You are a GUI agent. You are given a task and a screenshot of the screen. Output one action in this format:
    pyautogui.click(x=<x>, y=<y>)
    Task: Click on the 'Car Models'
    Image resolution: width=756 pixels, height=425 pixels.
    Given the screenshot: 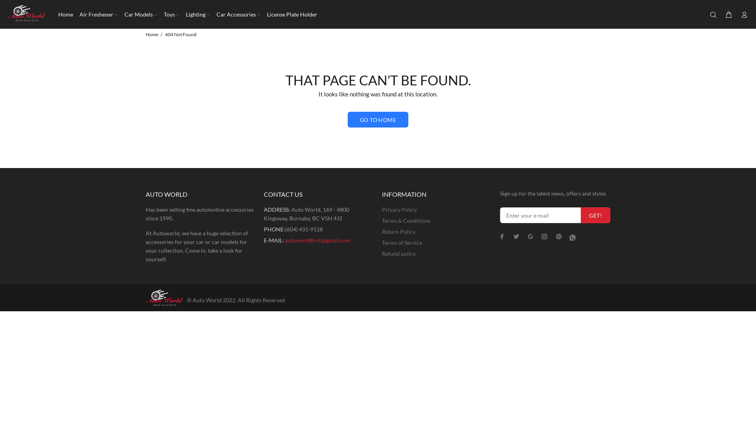 What is the action you would take?
    pyautogui.click(x=120, y=14)
    